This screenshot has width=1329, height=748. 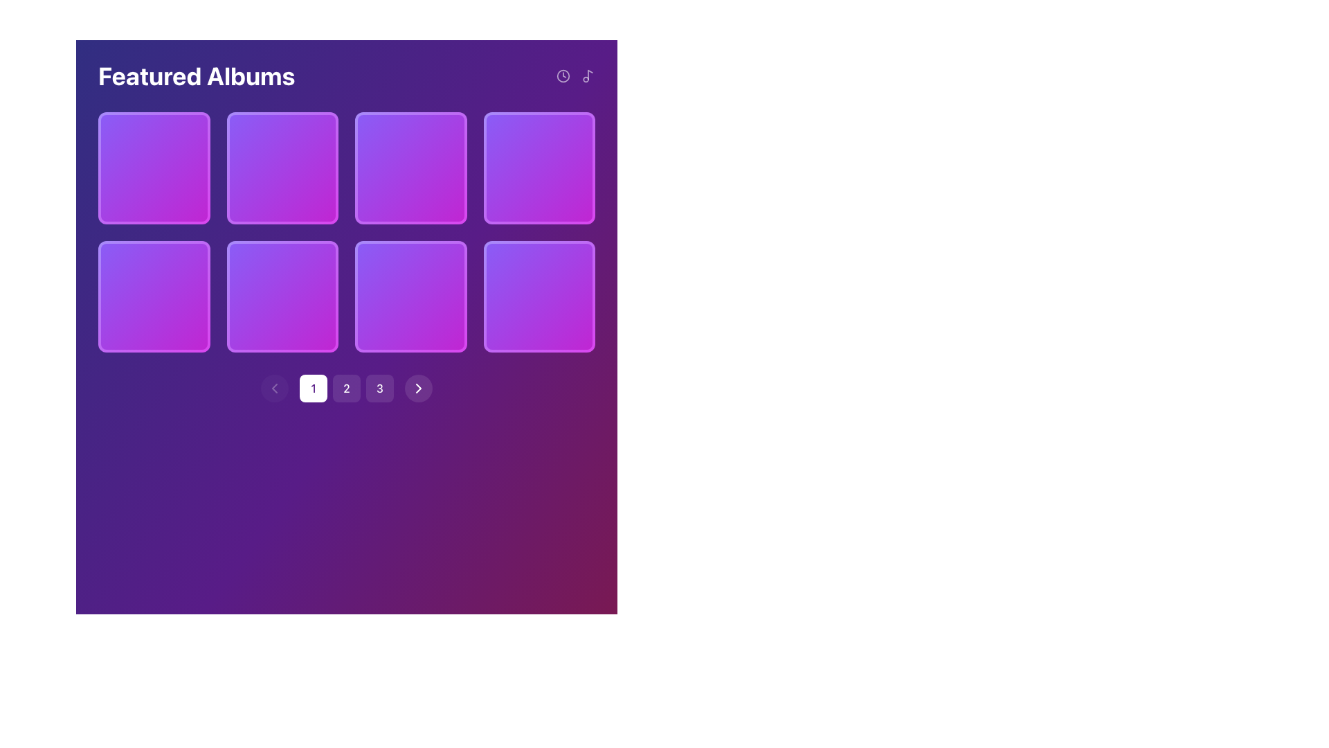 What do you see at coordinates (282, 167) in the screenshot?
I see `the clickable card in the 'Featured Albums' section, located in the second position of the first row` at bounding box center [282, 167].